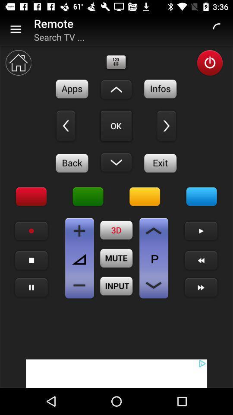 The image size is (233, 415). I want to click on mute sound button, so click(116, 258).